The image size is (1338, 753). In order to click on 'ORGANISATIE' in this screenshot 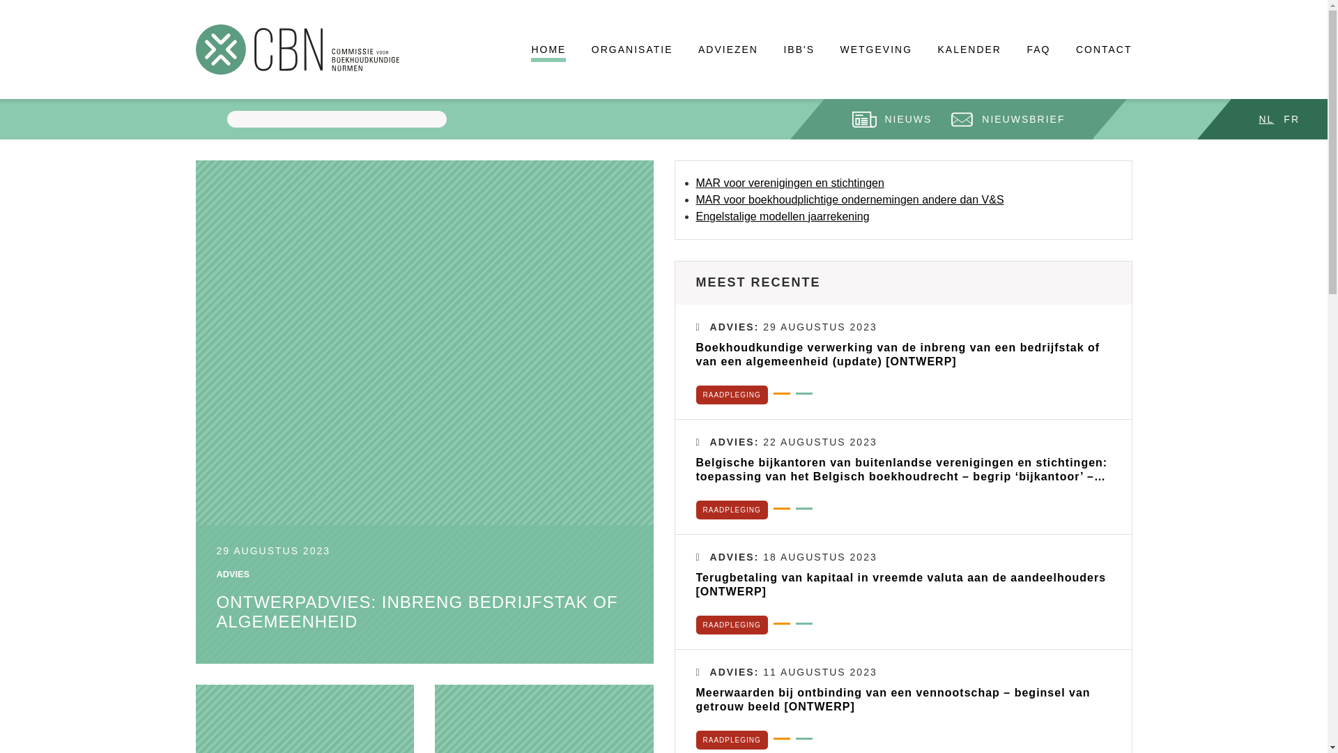, I will do `click(631, 50)`.